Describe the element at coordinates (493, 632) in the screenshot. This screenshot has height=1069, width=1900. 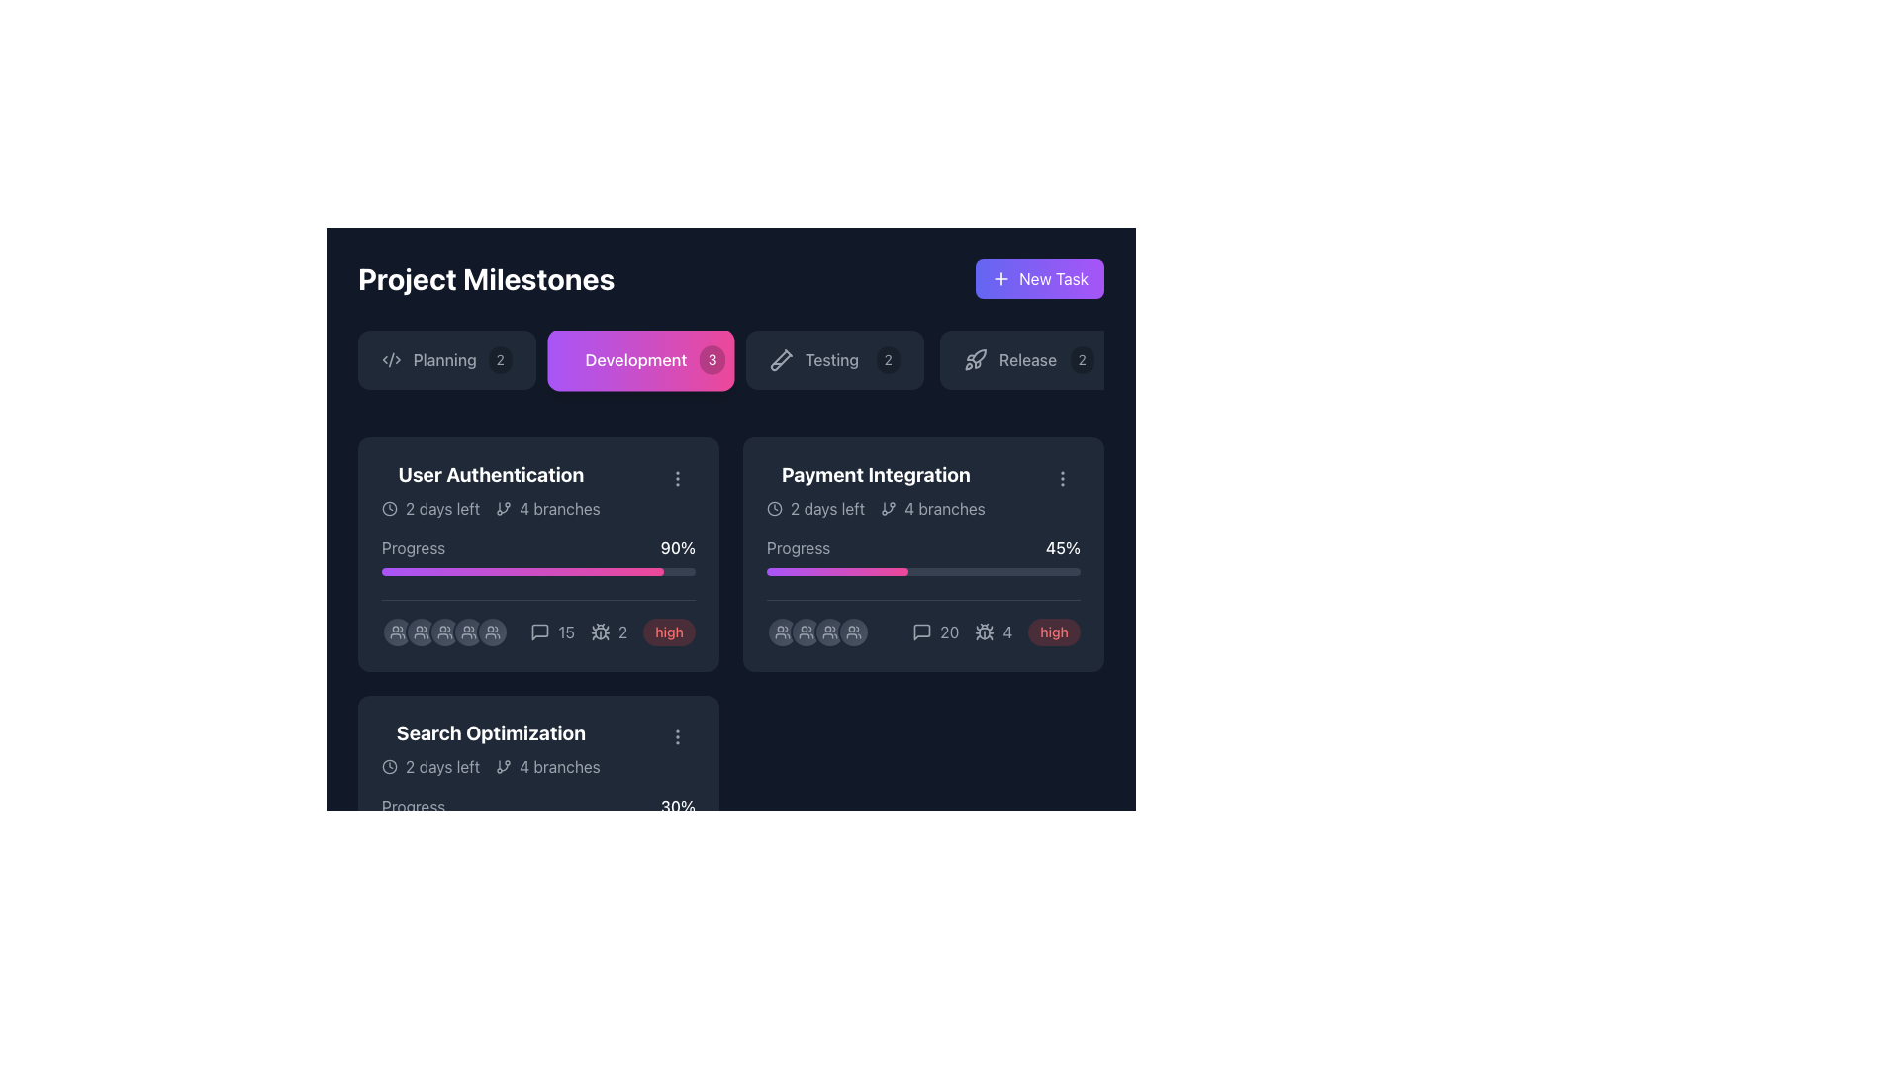
I see `the sixth circular icon with a dark gradient background and a light-colored 'users' icon at the center, located in the 'User Authentication' card` at that location.